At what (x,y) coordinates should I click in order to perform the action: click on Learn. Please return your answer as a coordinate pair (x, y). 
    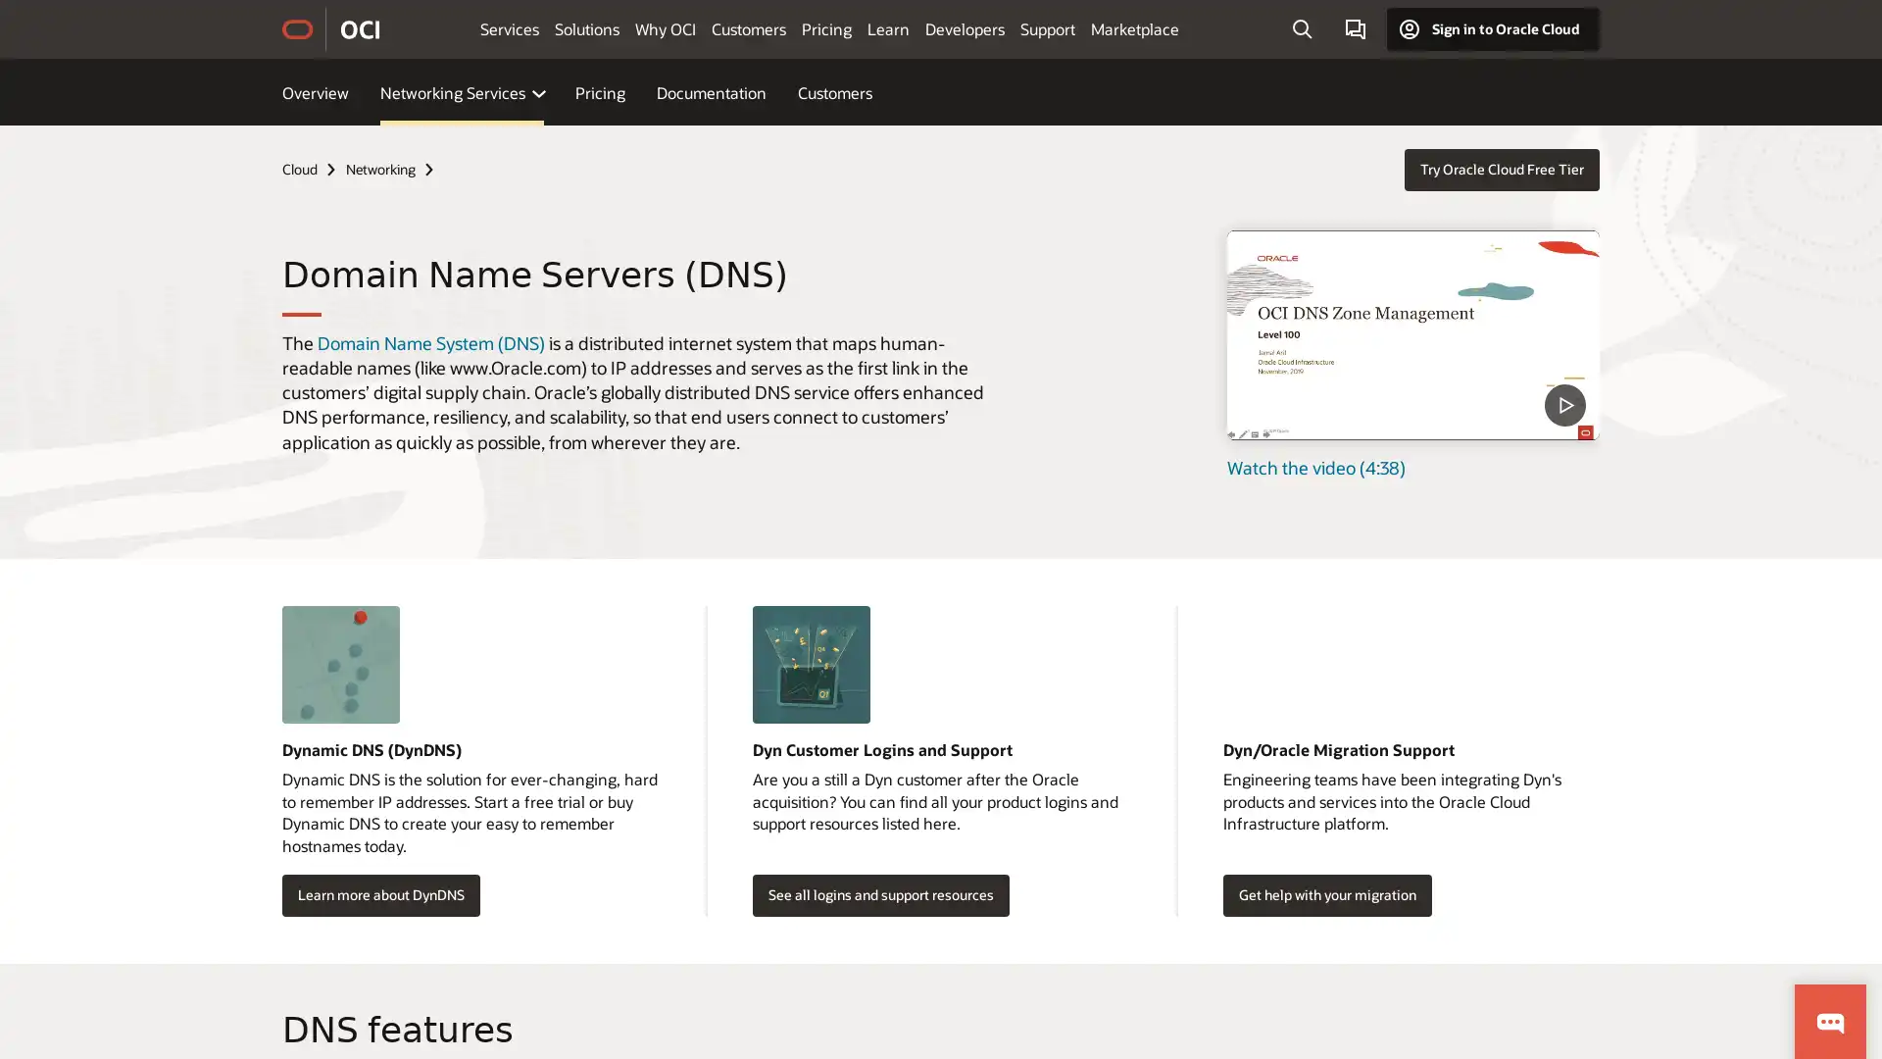
    Looking at the image, I should click on (887, 28).